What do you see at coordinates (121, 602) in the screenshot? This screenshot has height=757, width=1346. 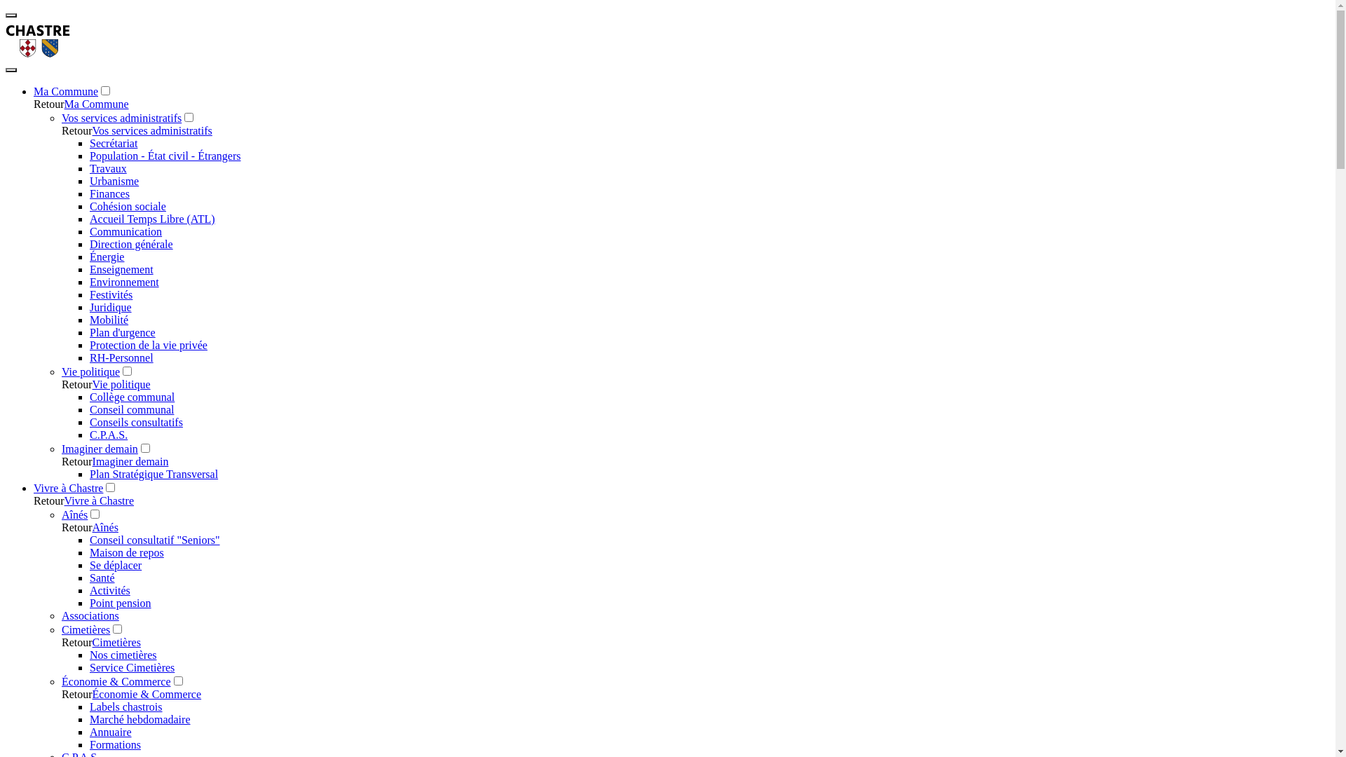 I see `'Point pension'` at bounding box center [121, 602].